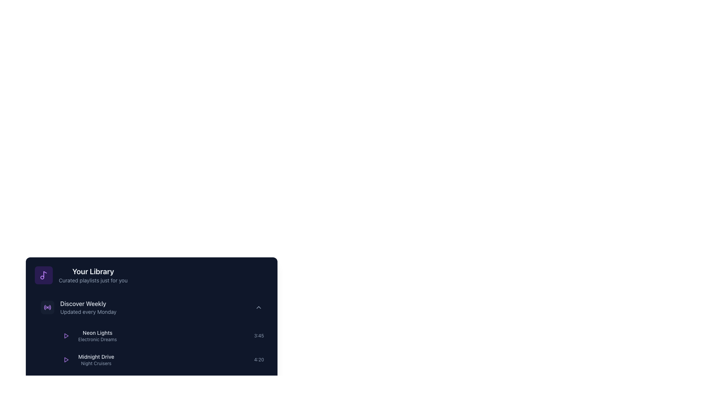  Describe the element at coordinates (259, 359) in the screenshot. I see `the text label displaying the duration '4:20' located at the bottom-right corner of the music playlist card adjacent to the song title 'Midnight Drive' by 'Night Cruisers'` at that location.